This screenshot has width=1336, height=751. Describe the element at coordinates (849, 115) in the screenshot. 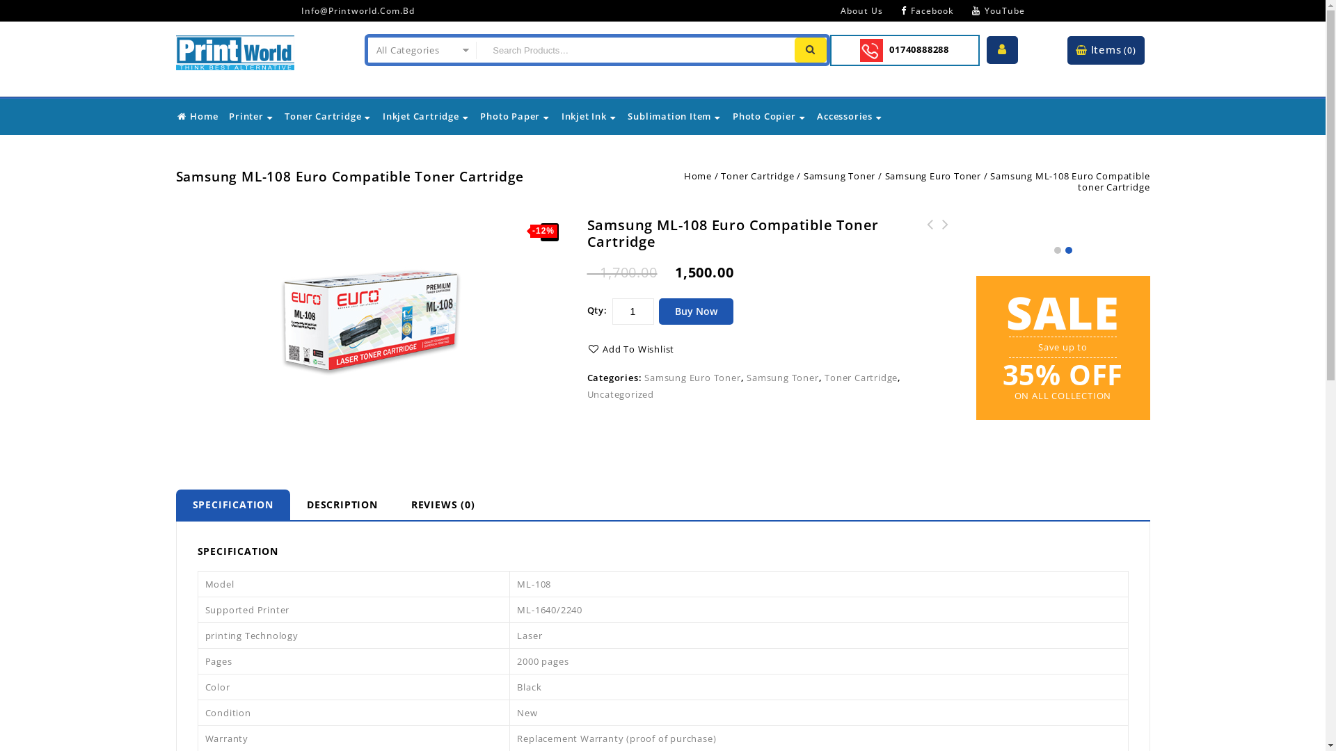

I see `'Accessories'` at that location.